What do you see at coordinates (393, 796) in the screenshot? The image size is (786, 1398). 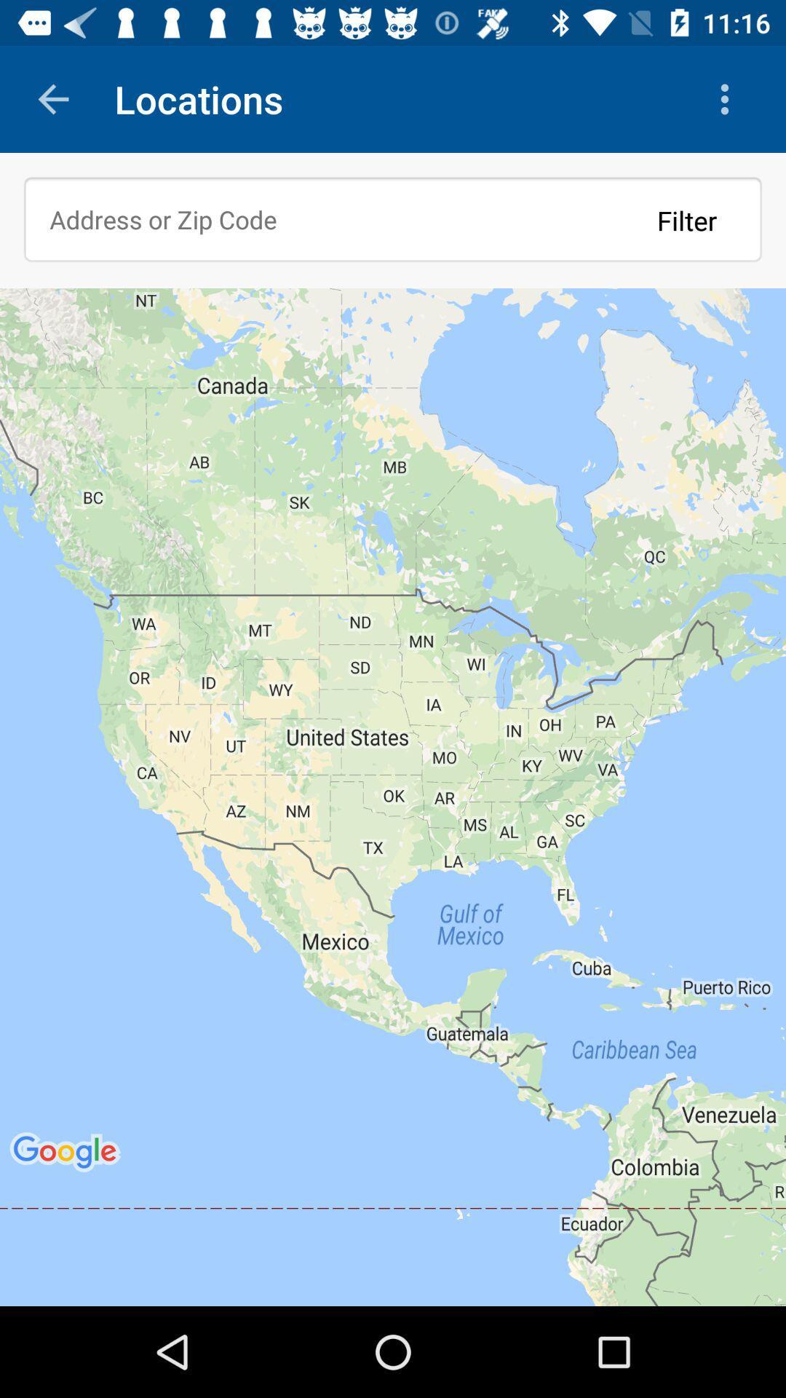 I see `the item at the center` at bounding box center [393, 796].